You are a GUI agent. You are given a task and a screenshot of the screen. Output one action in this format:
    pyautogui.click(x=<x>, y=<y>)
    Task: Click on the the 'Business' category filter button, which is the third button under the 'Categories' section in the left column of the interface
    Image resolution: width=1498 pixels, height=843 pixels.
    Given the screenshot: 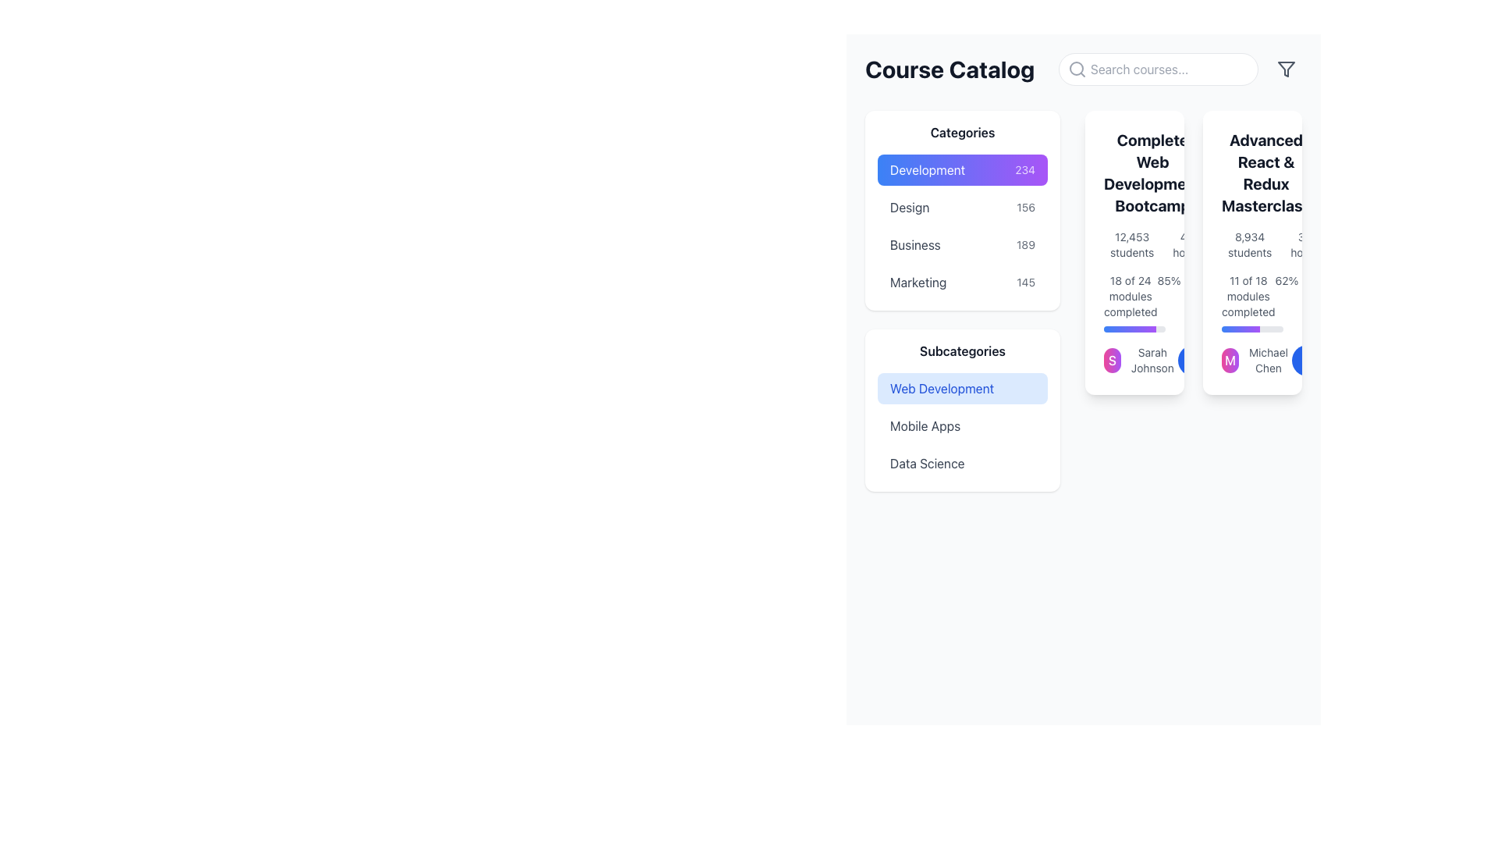 What is the action you would take?
    pyautogui.click(x=961, y=244)
    